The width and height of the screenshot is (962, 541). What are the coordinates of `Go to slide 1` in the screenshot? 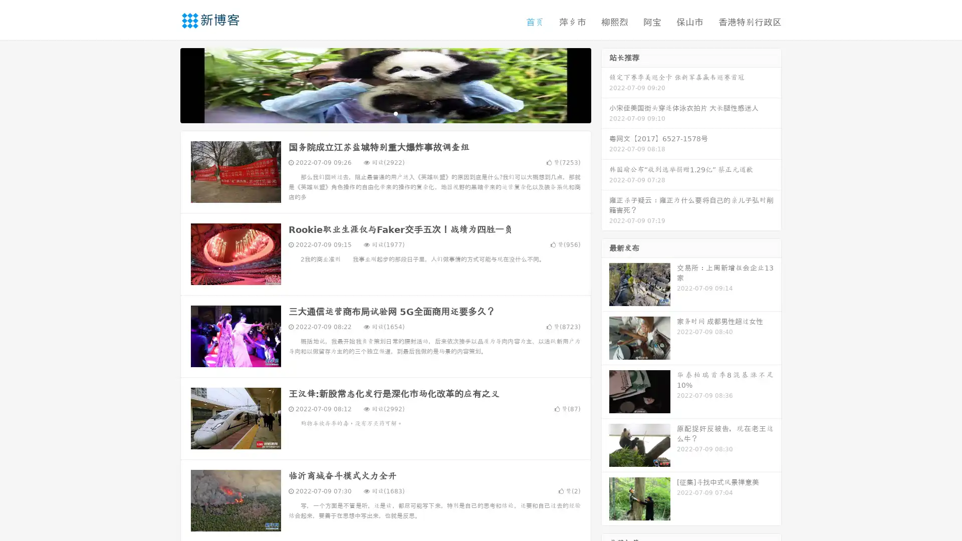 It's located at (375, 113).